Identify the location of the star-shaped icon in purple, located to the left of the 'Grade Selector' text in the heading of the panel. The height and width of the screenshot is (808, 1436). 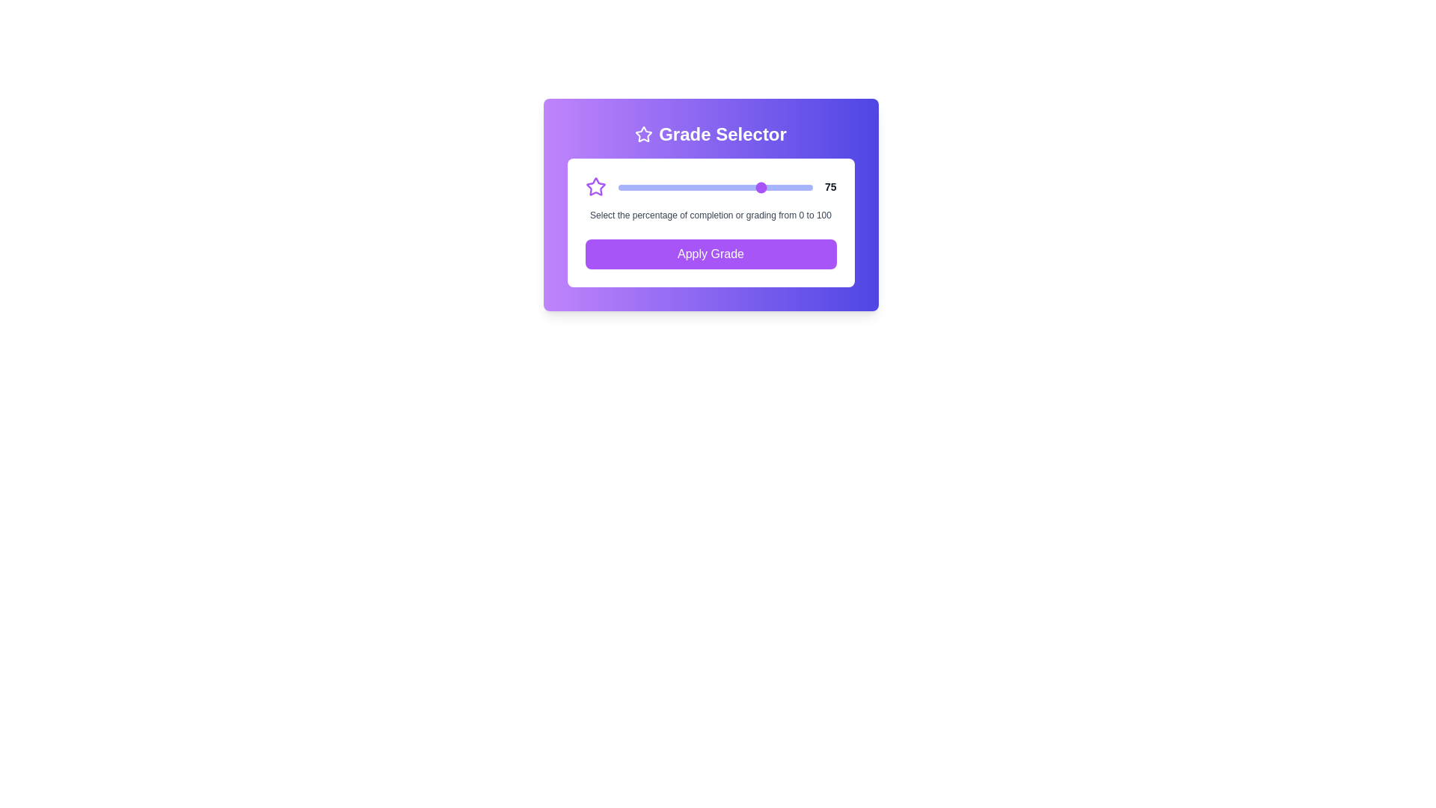
(644, 135).